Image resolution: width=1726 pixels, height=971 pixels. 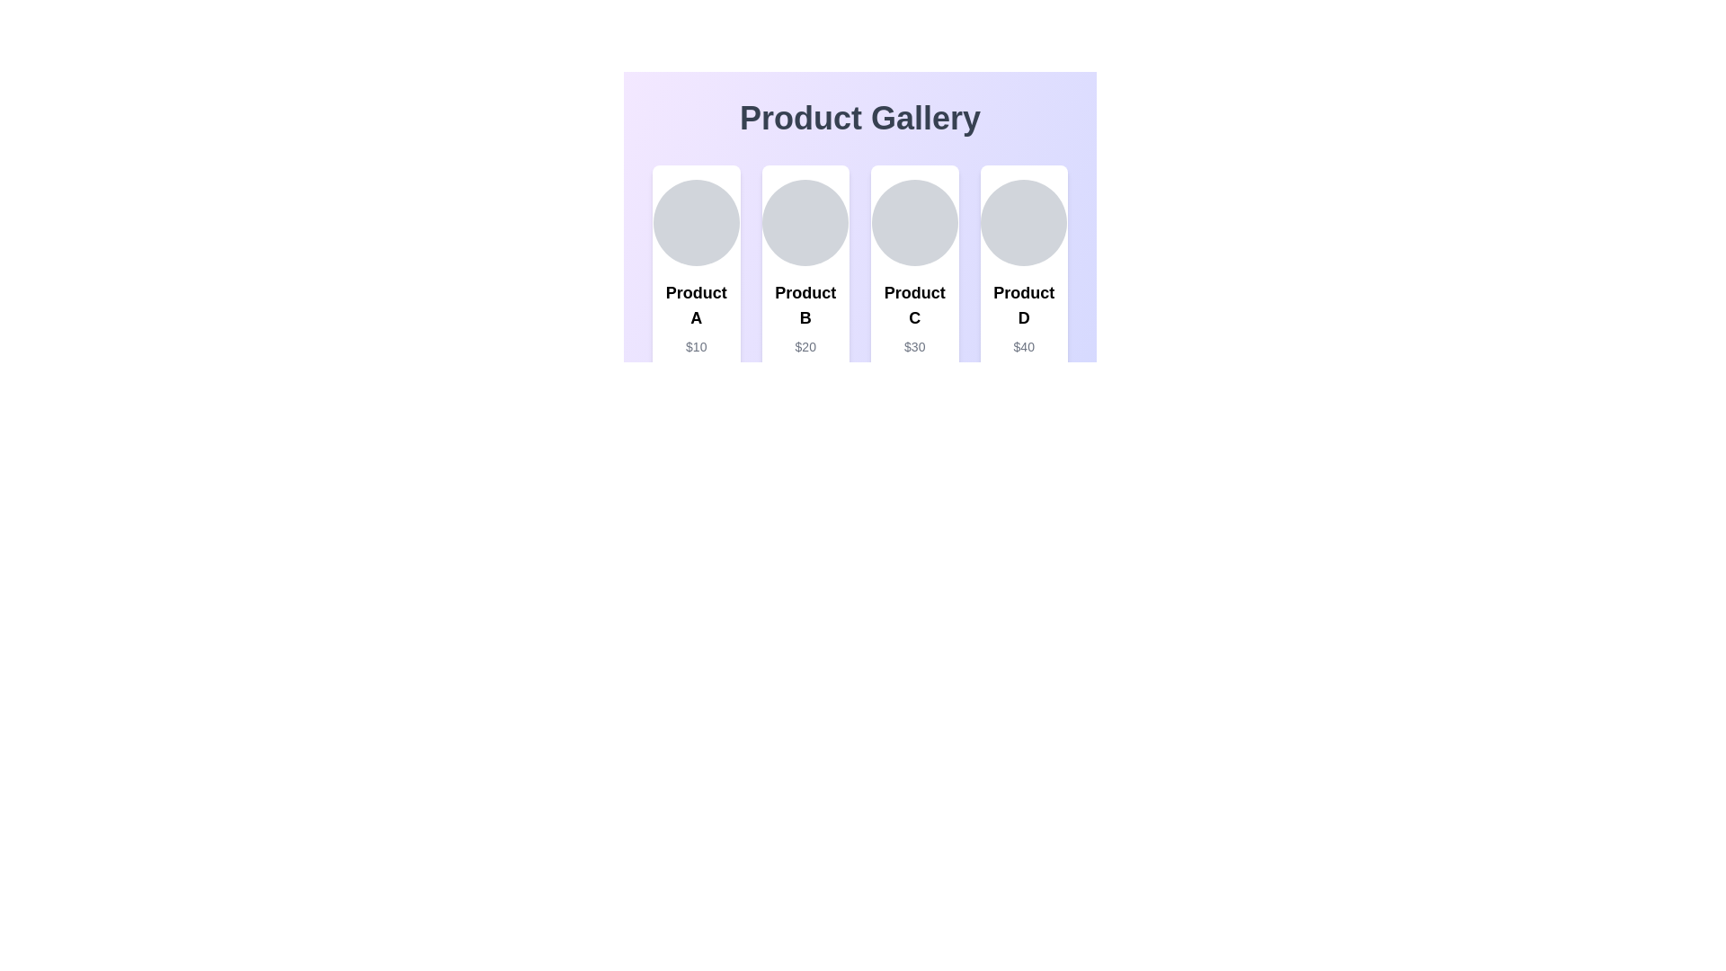 I want to click on text label that serves as the title for 'Product A', located directly below the circular image in the first column of the layout, so click(x=695, y=304).